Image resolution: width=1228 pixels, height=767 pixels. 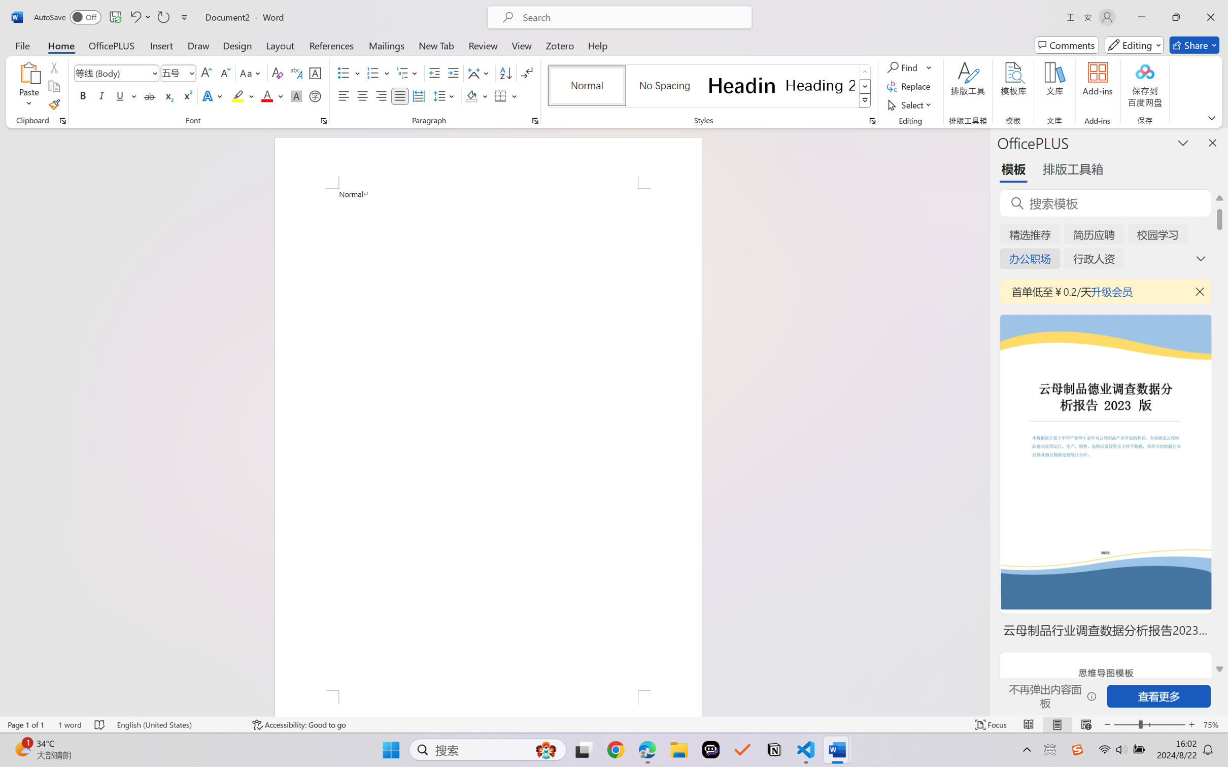 What do you see at coordinates (61, 45) in the screenshot?
I see `'Home'` at bounding box center [61, 45].